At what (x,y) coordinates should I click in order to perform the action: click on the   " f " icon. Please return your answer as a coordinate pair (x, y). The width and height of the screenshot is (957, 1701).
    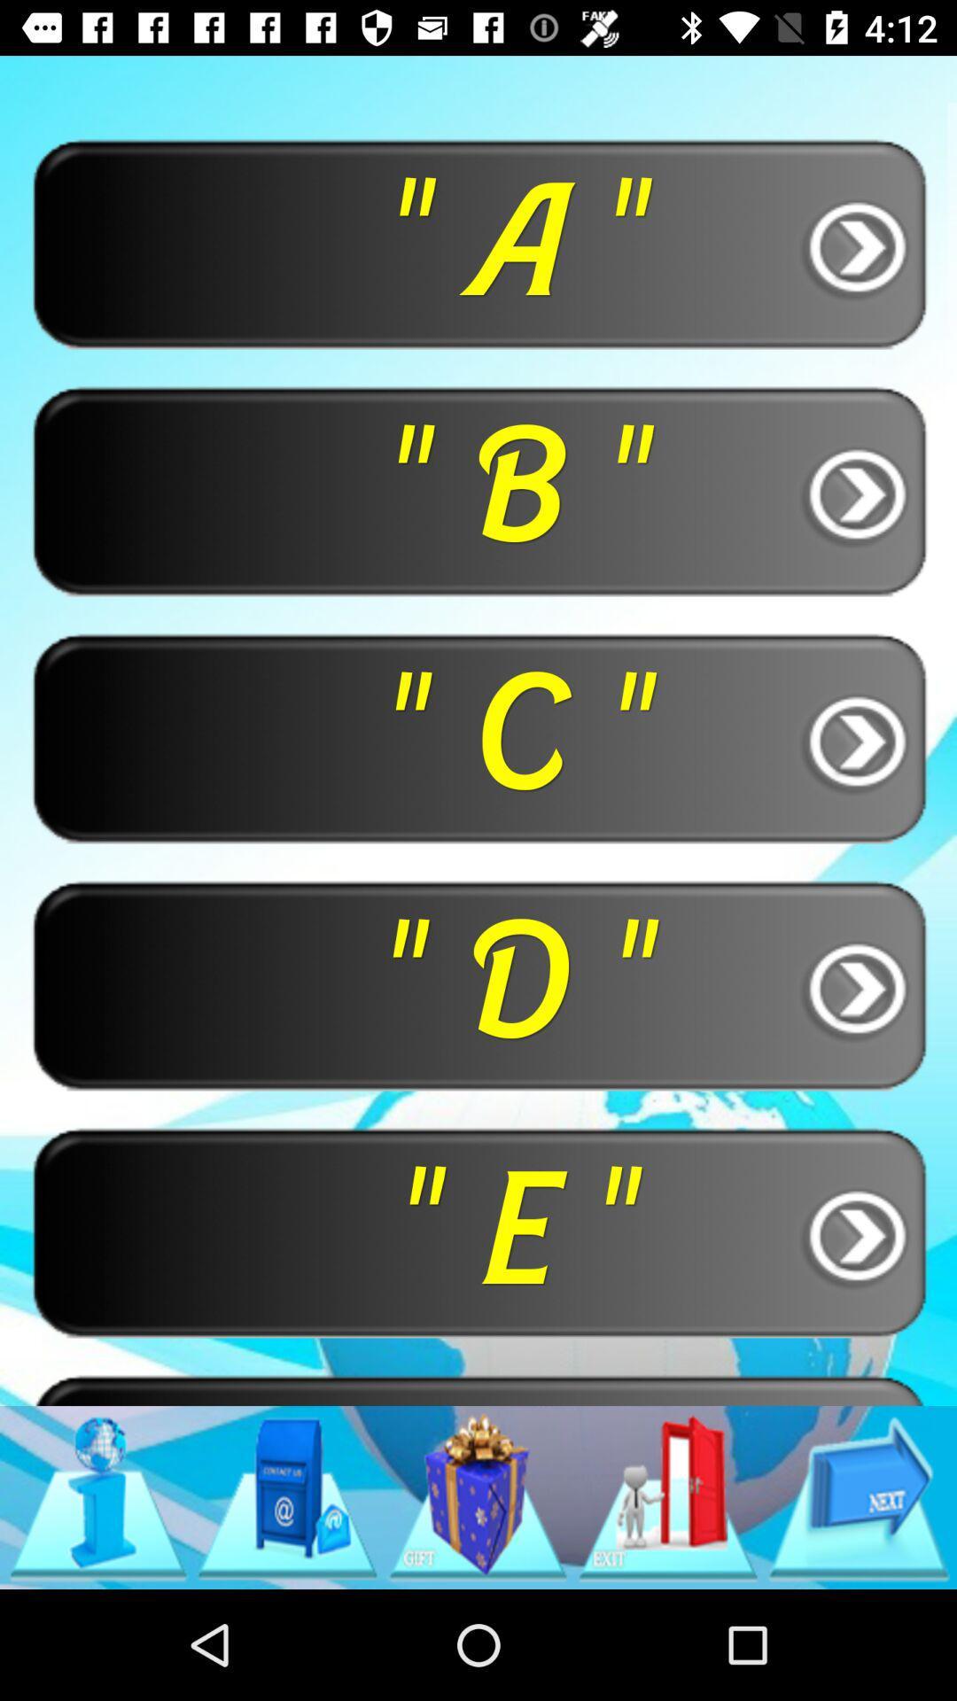
    Looking at the image, I should click on (478, 1388).